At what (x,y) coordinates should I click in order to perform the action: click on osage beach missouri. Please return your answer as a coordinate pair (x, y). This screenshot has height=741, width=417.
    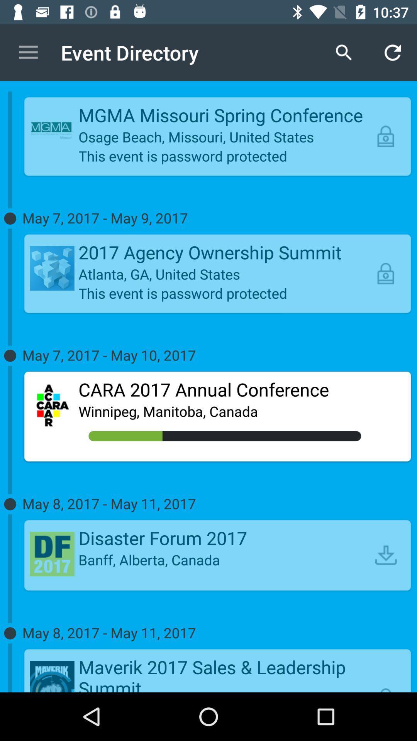
    Looking at the image, I should click on (225, 137).